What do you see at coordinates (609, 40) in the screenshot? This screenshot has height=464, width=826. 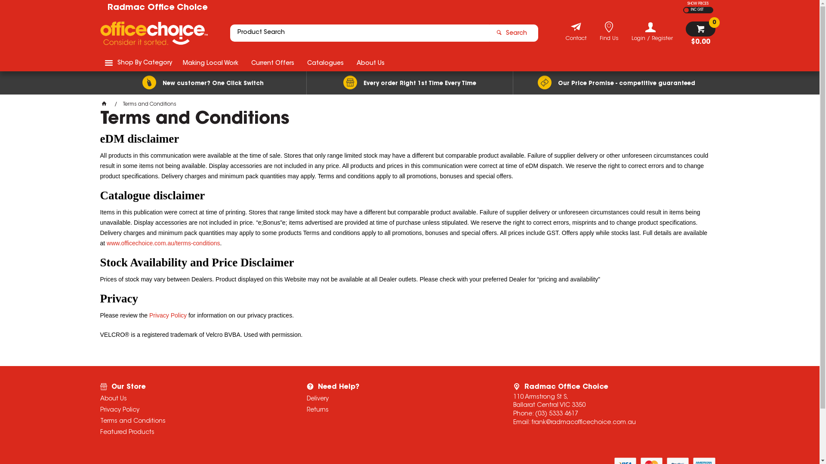 I see `'Find Us'` at bounding box center [609, 40].